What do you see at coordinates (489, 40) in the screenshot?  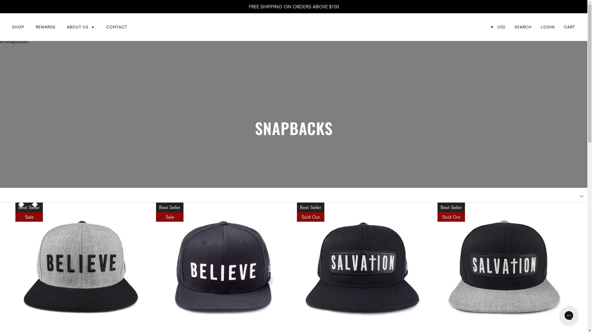 I see `'USD'` at bounding box center [489, 40].